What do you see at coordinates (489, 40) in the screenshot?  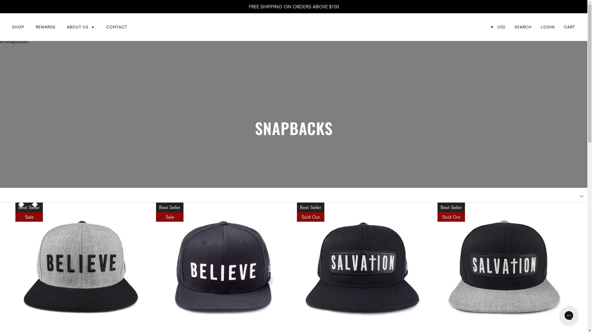 I see `'USD'` at bounding box center [489, 40].